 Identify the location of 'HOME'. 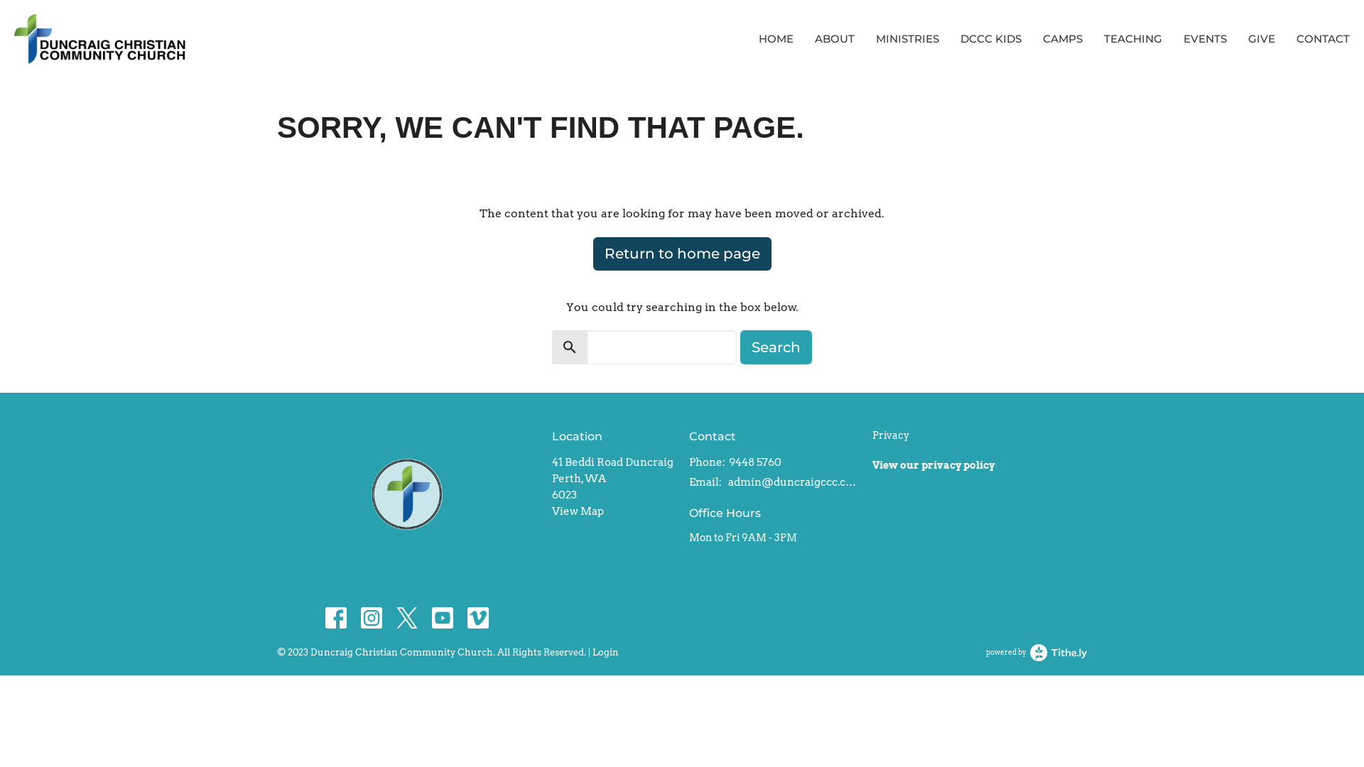
(775, 38).